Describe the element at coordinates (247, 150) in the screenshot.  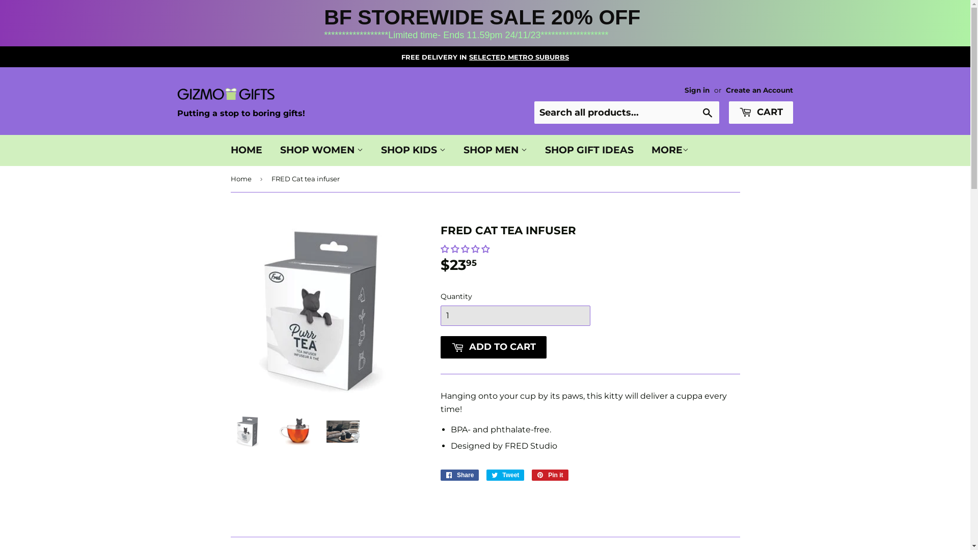
I see `'HOME'` at that location.